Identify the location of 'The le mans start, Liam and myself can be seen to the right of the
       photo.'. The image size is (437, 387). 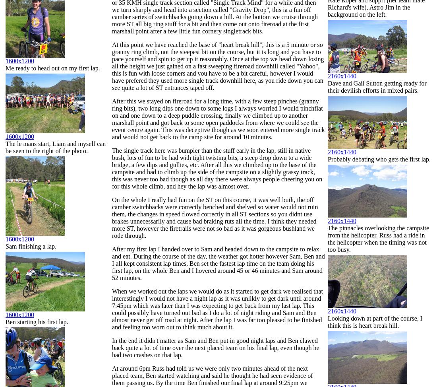
(55, 147).